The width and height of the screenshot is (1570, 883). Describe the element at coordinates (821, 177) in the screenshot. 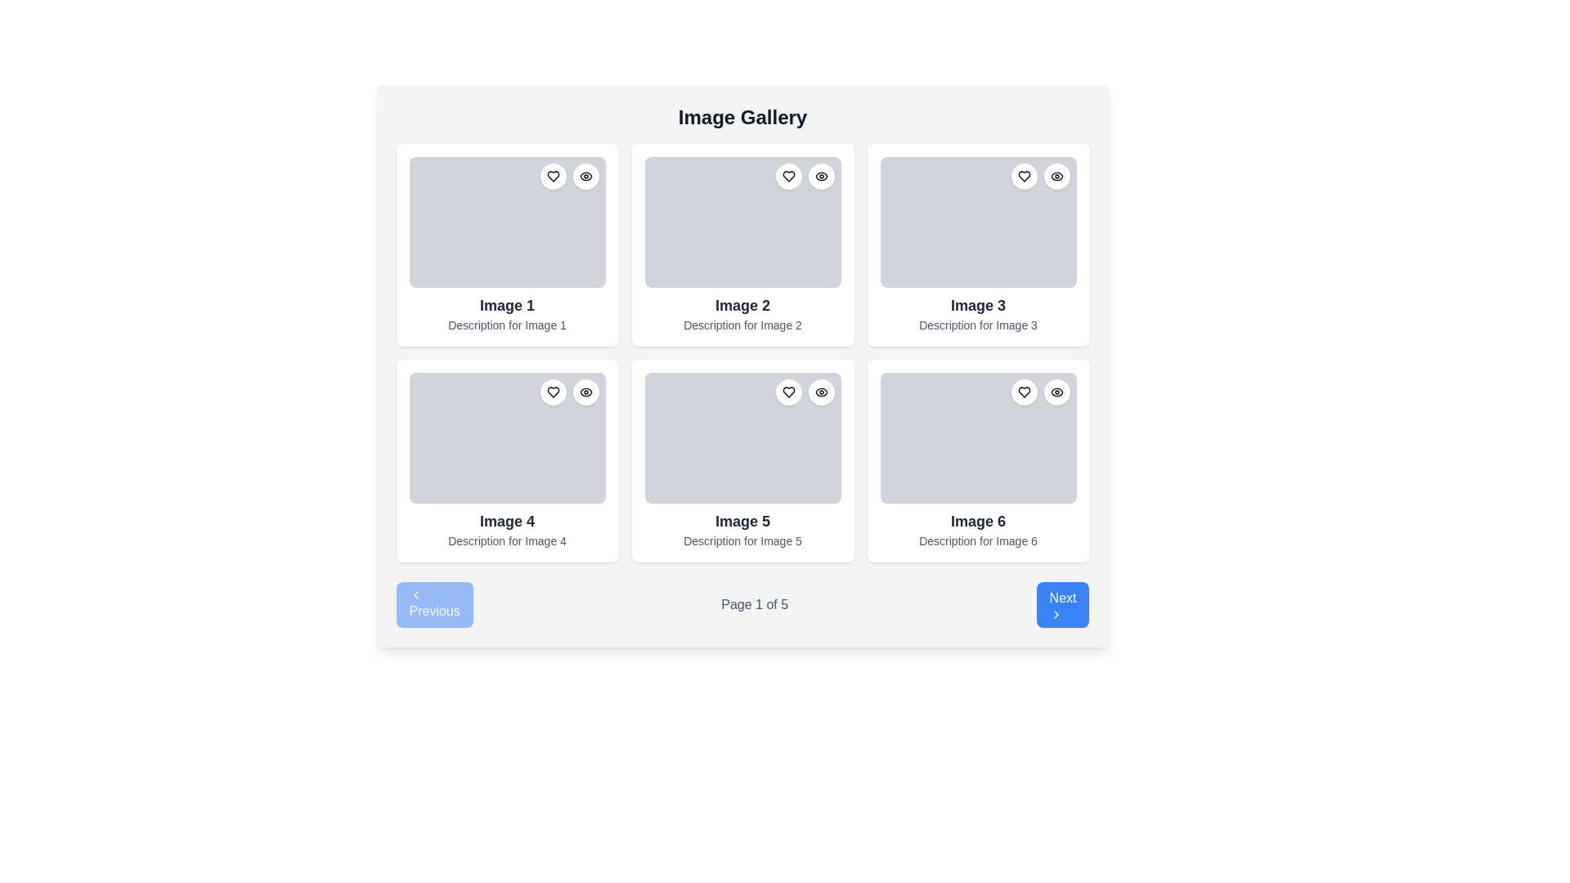

I see `the visibility toggle icon located in the top-right corner of the 'Image 2' tile` at that location.